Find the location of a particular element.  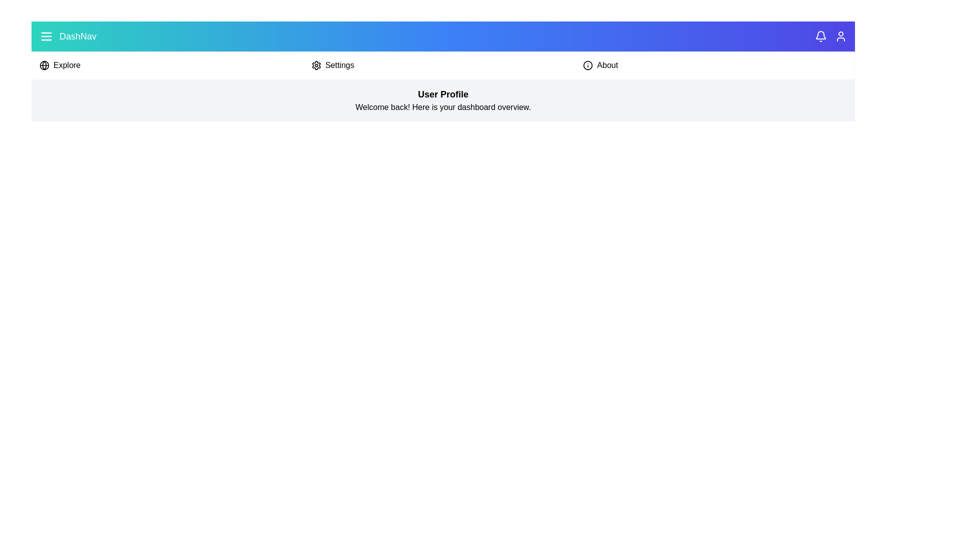

the menu button to toggle the menu visibility is located at coordinates (45, 36).